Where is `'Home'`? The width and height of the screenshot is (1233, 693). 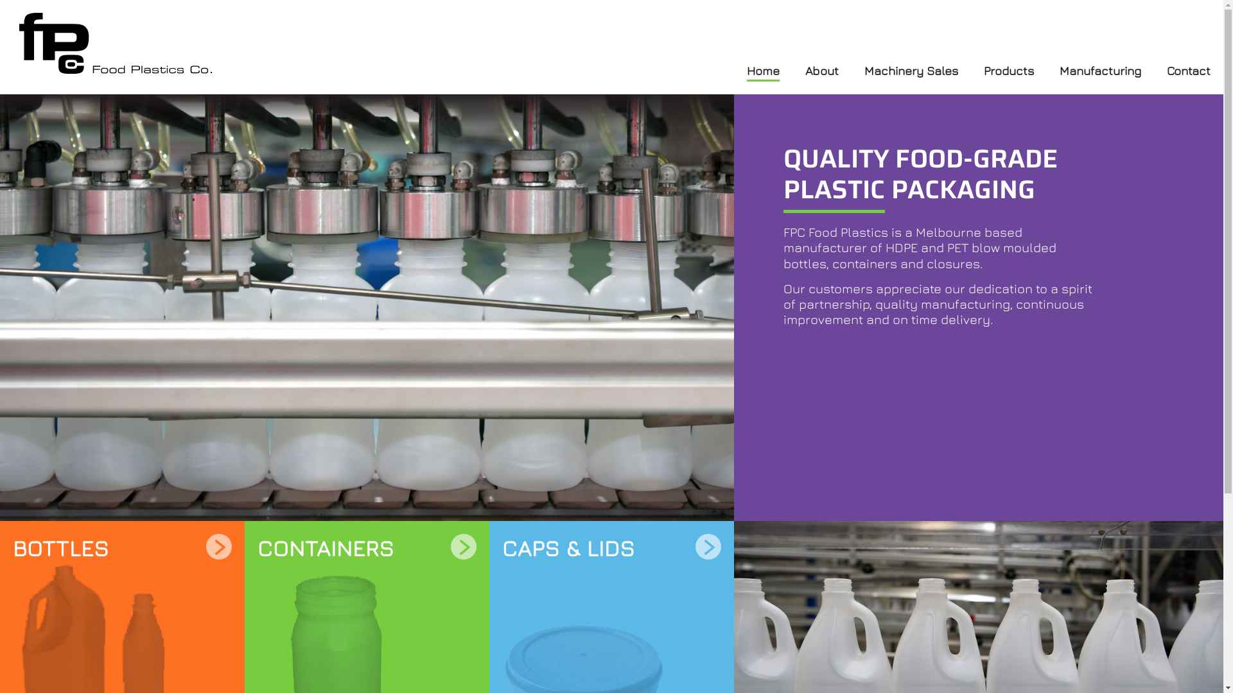 'Home' is located at coordinates (763, 71).